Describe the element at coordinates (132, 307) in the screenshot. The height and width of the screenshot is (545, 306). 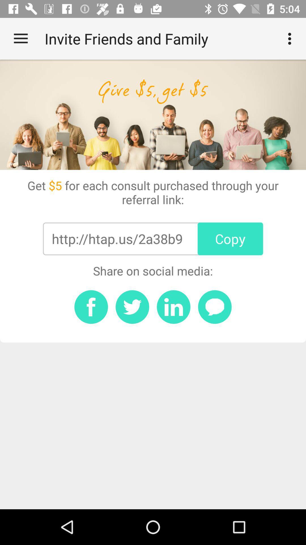
I see `share link on twitter` at that location.